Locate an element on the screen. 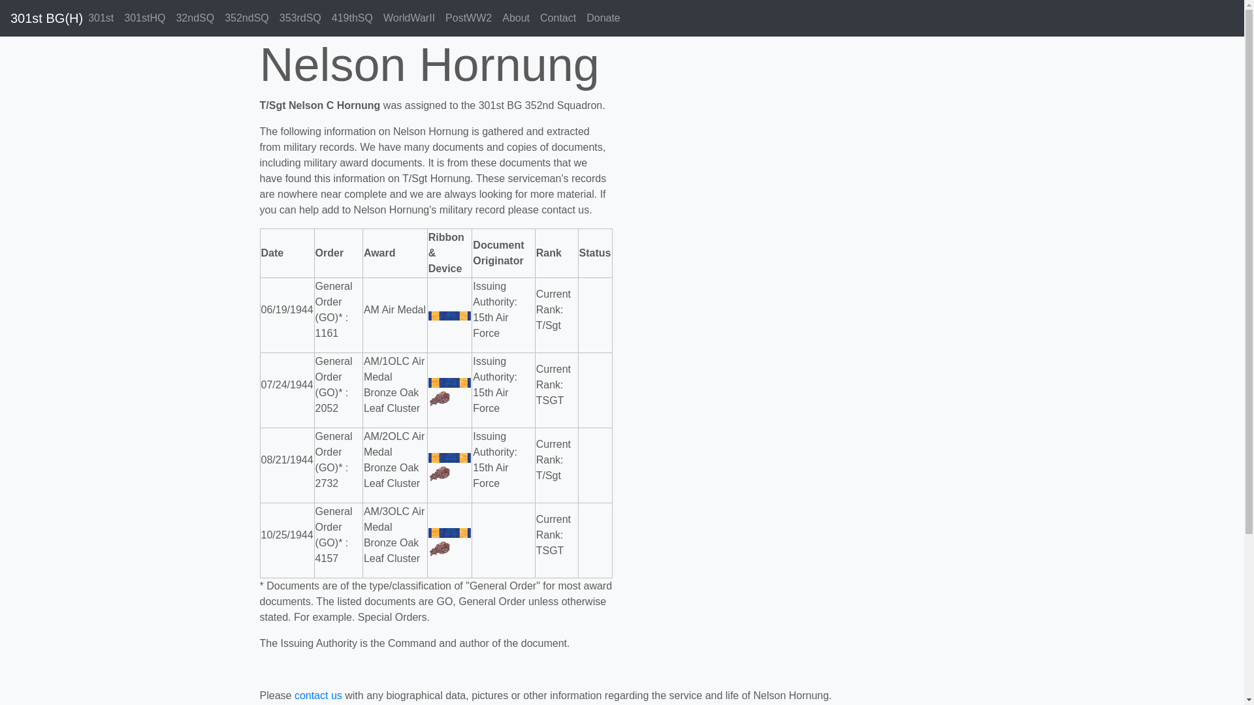 The width and height of the screenshot is (1254, 705). 'Donate' is located at coordinates (580, 18).